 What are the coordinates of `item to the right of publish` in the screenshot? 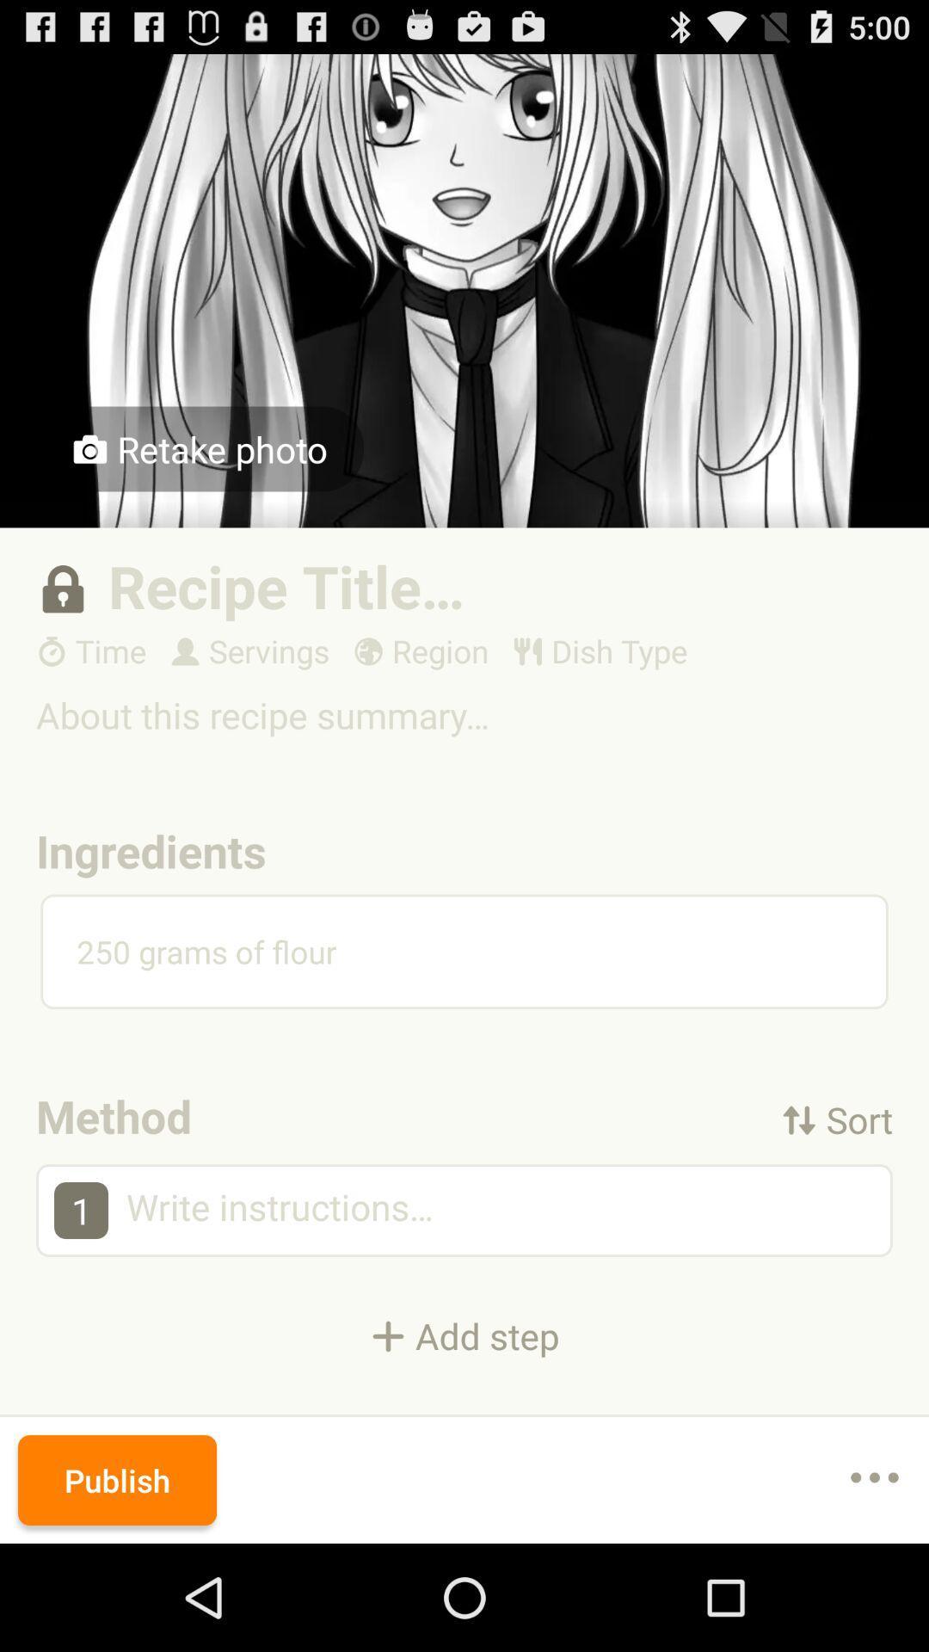 It's located at (875, 1479).